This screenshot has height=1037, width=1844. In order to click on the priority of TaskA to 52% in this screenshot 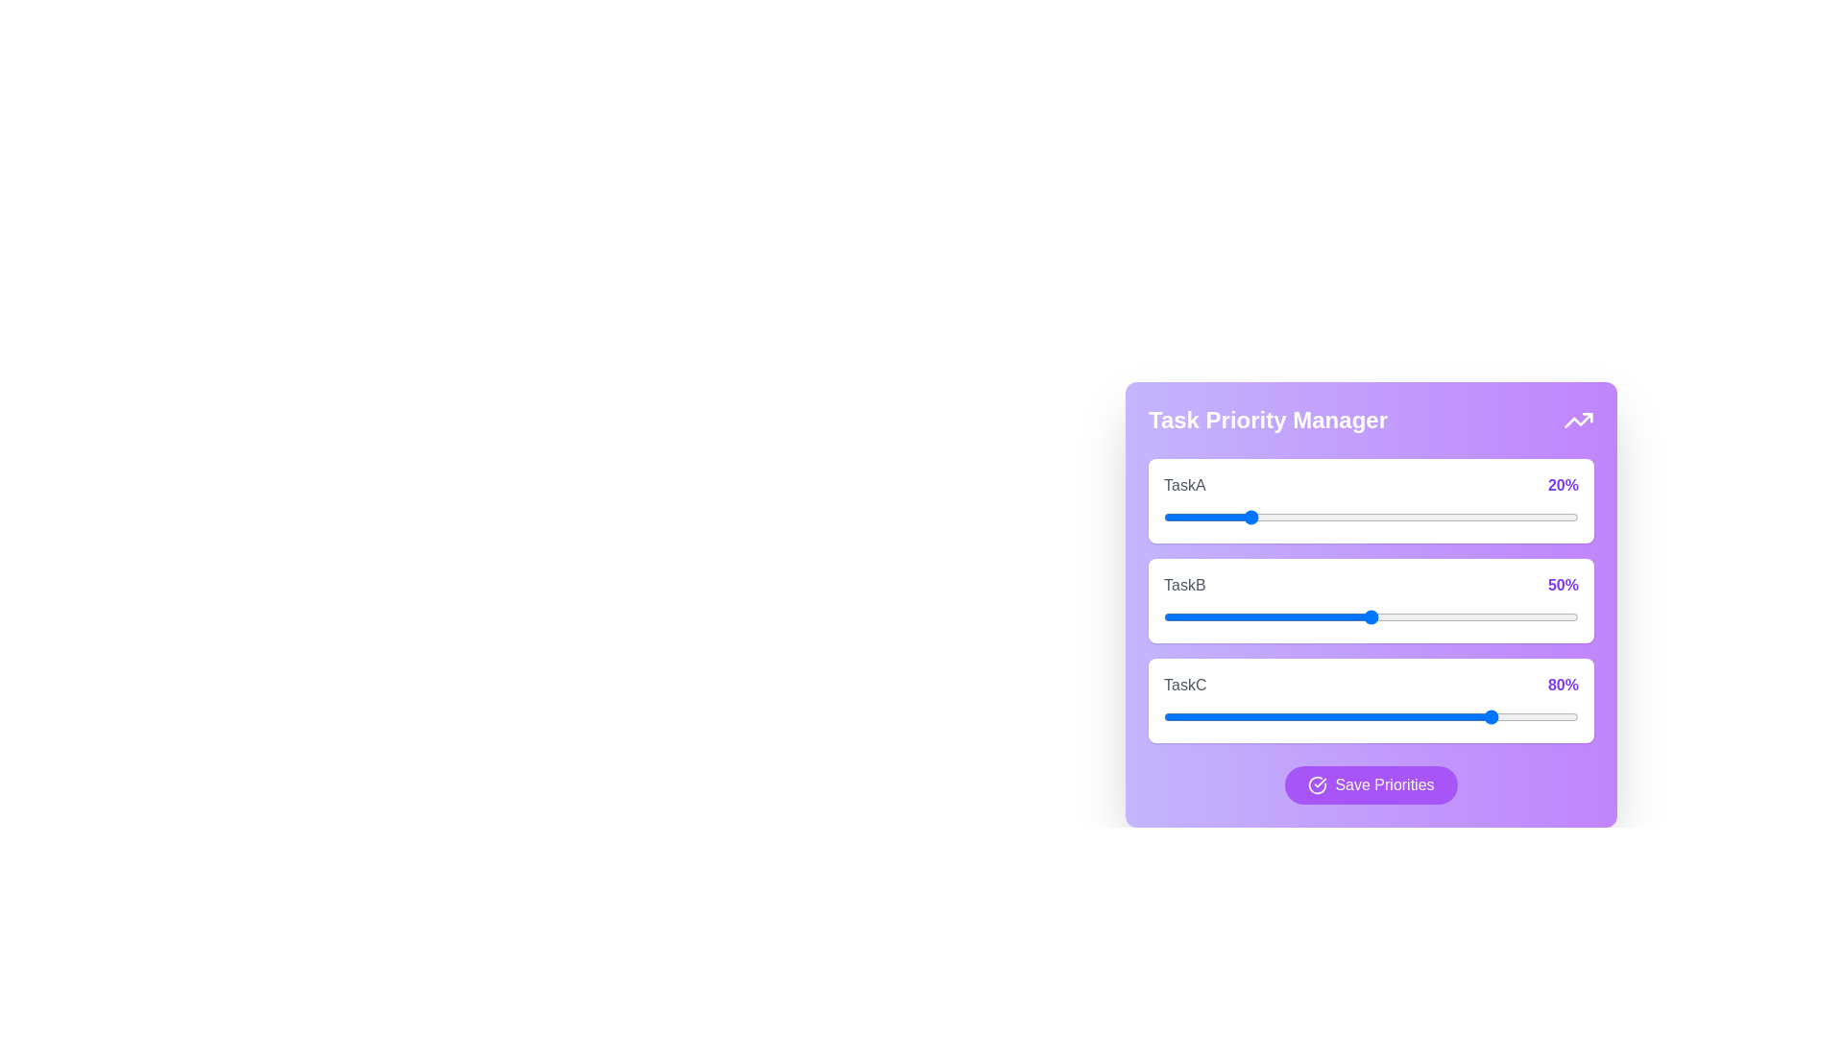, I will do `click(1378, 517)`.